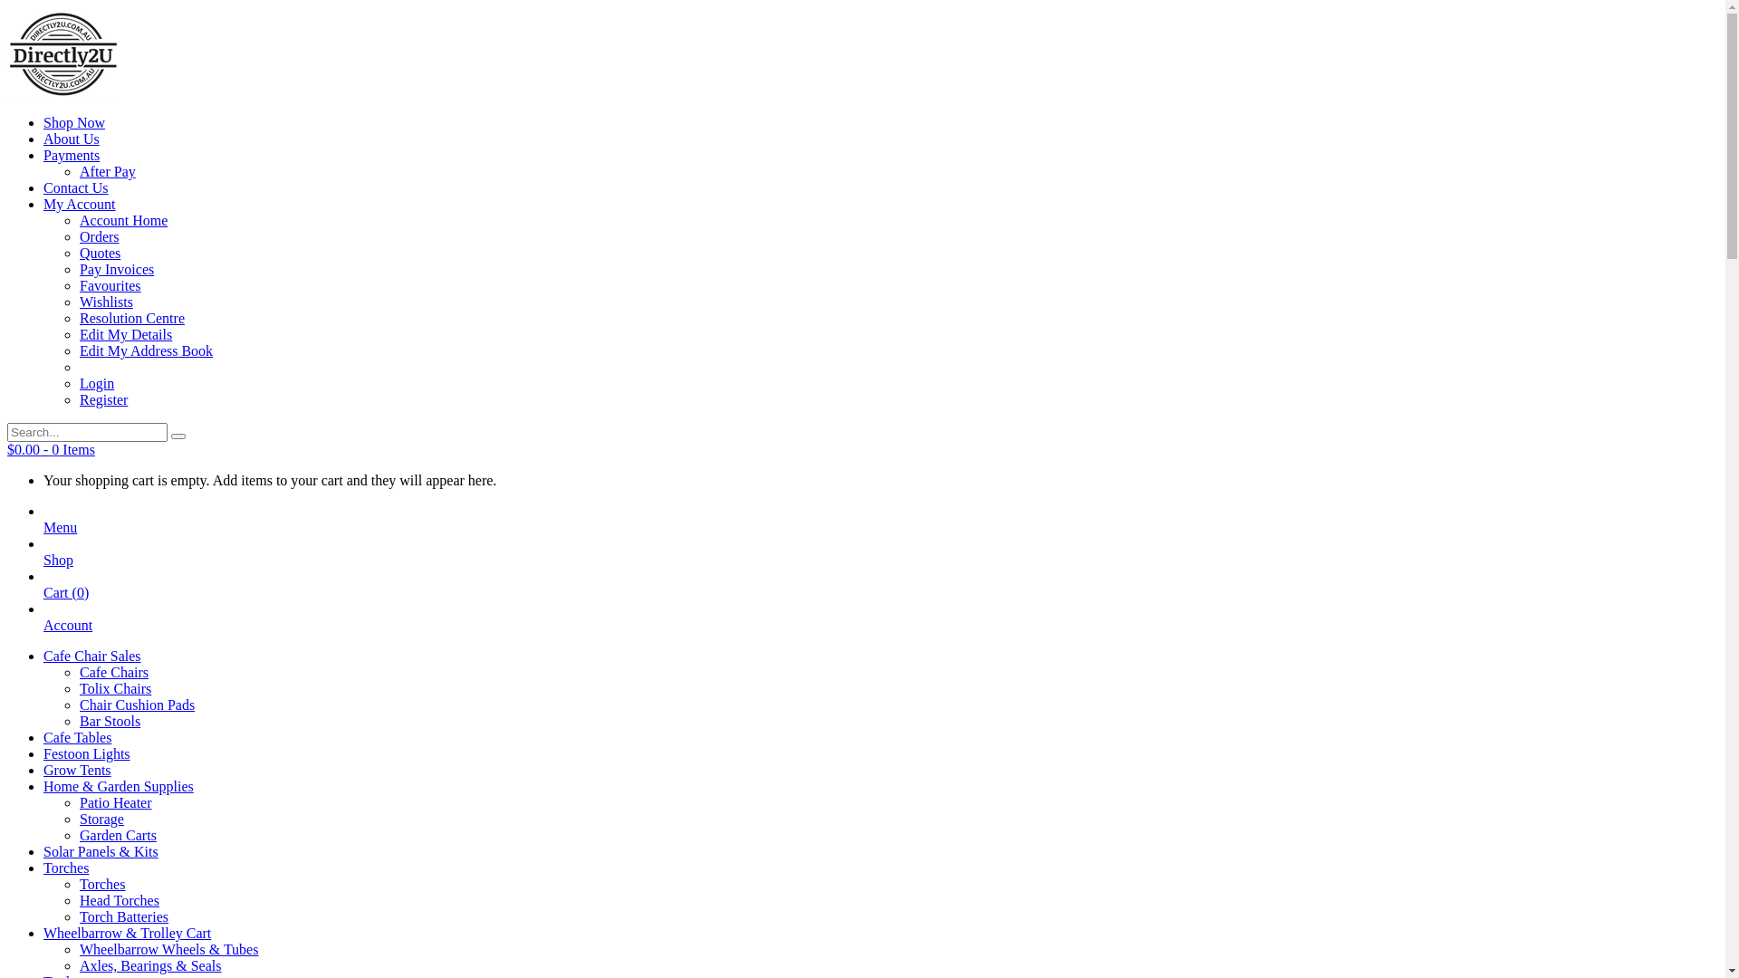 The image size is (1739, 978). What do you see at coordinates (99, 253) in the screenshot?
I see `'Quotes'` at bounding box center [99, 253].